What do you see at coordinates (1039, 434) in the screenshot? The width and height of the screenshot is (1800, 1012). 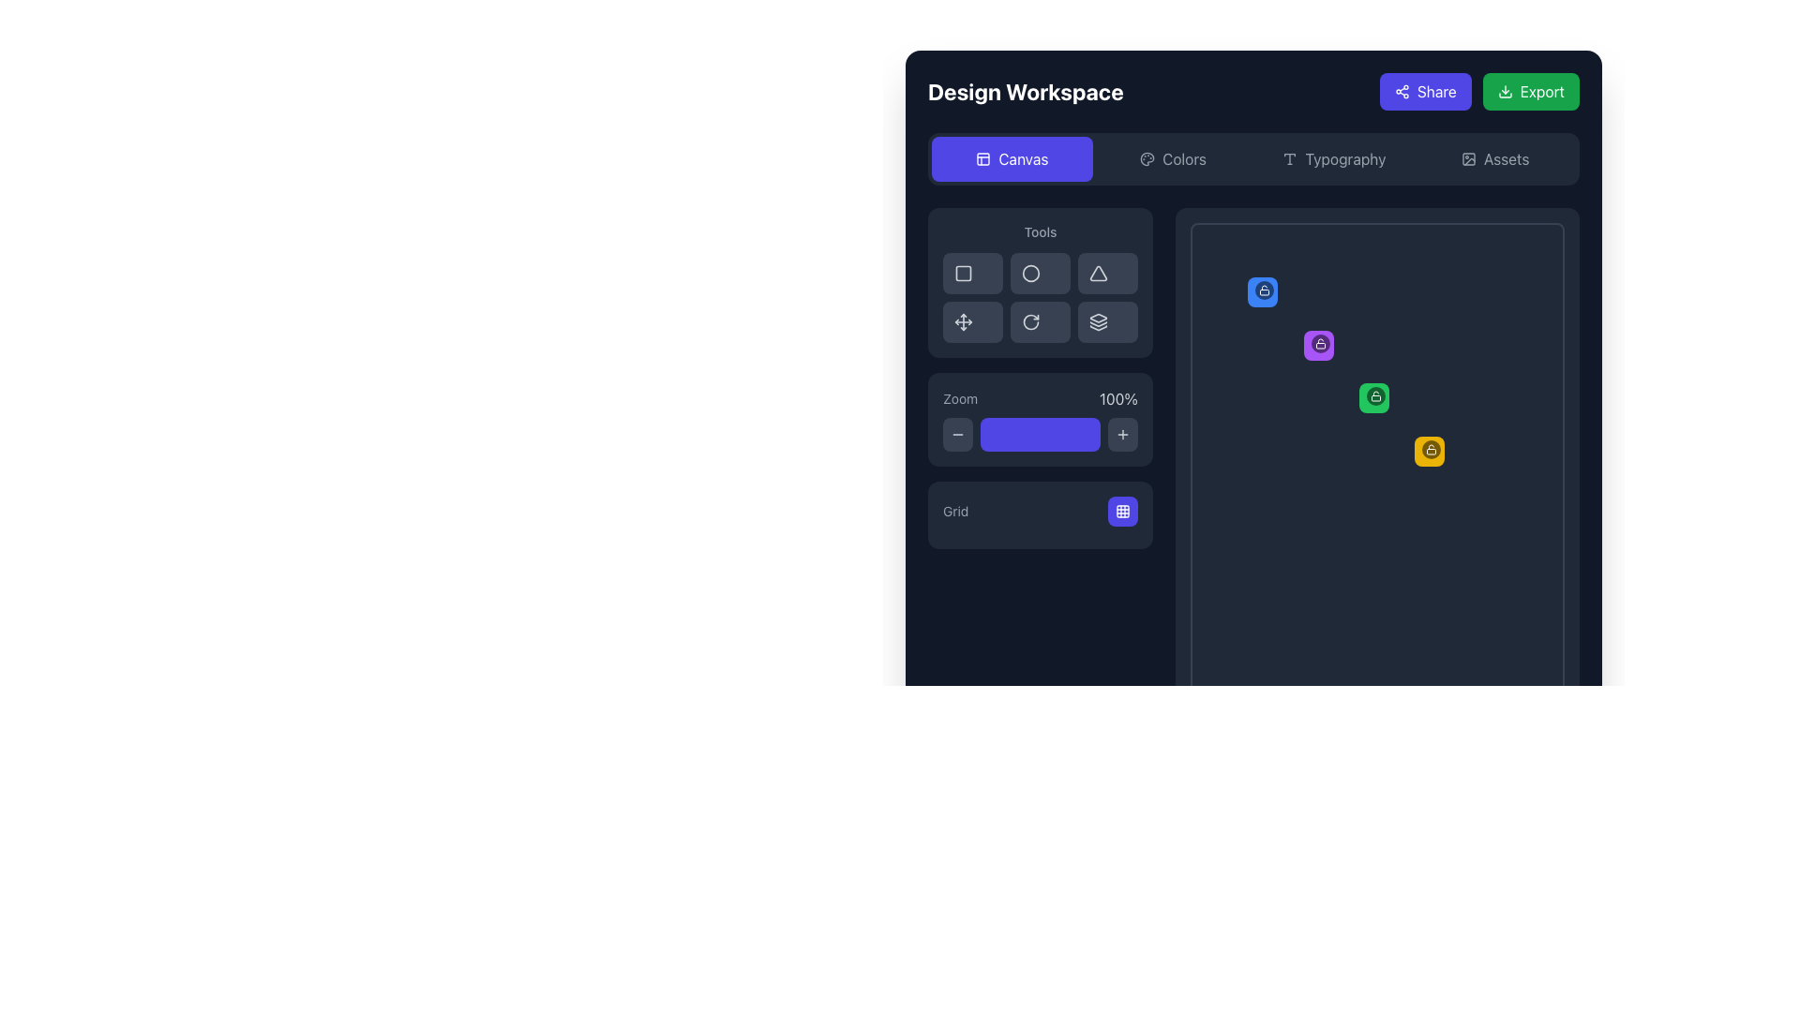 I see `the rectangular progress bar with a gray background and indigo segment, located centrally in the 'Zoom' section of the interface` at bounding box center [1039, 434].